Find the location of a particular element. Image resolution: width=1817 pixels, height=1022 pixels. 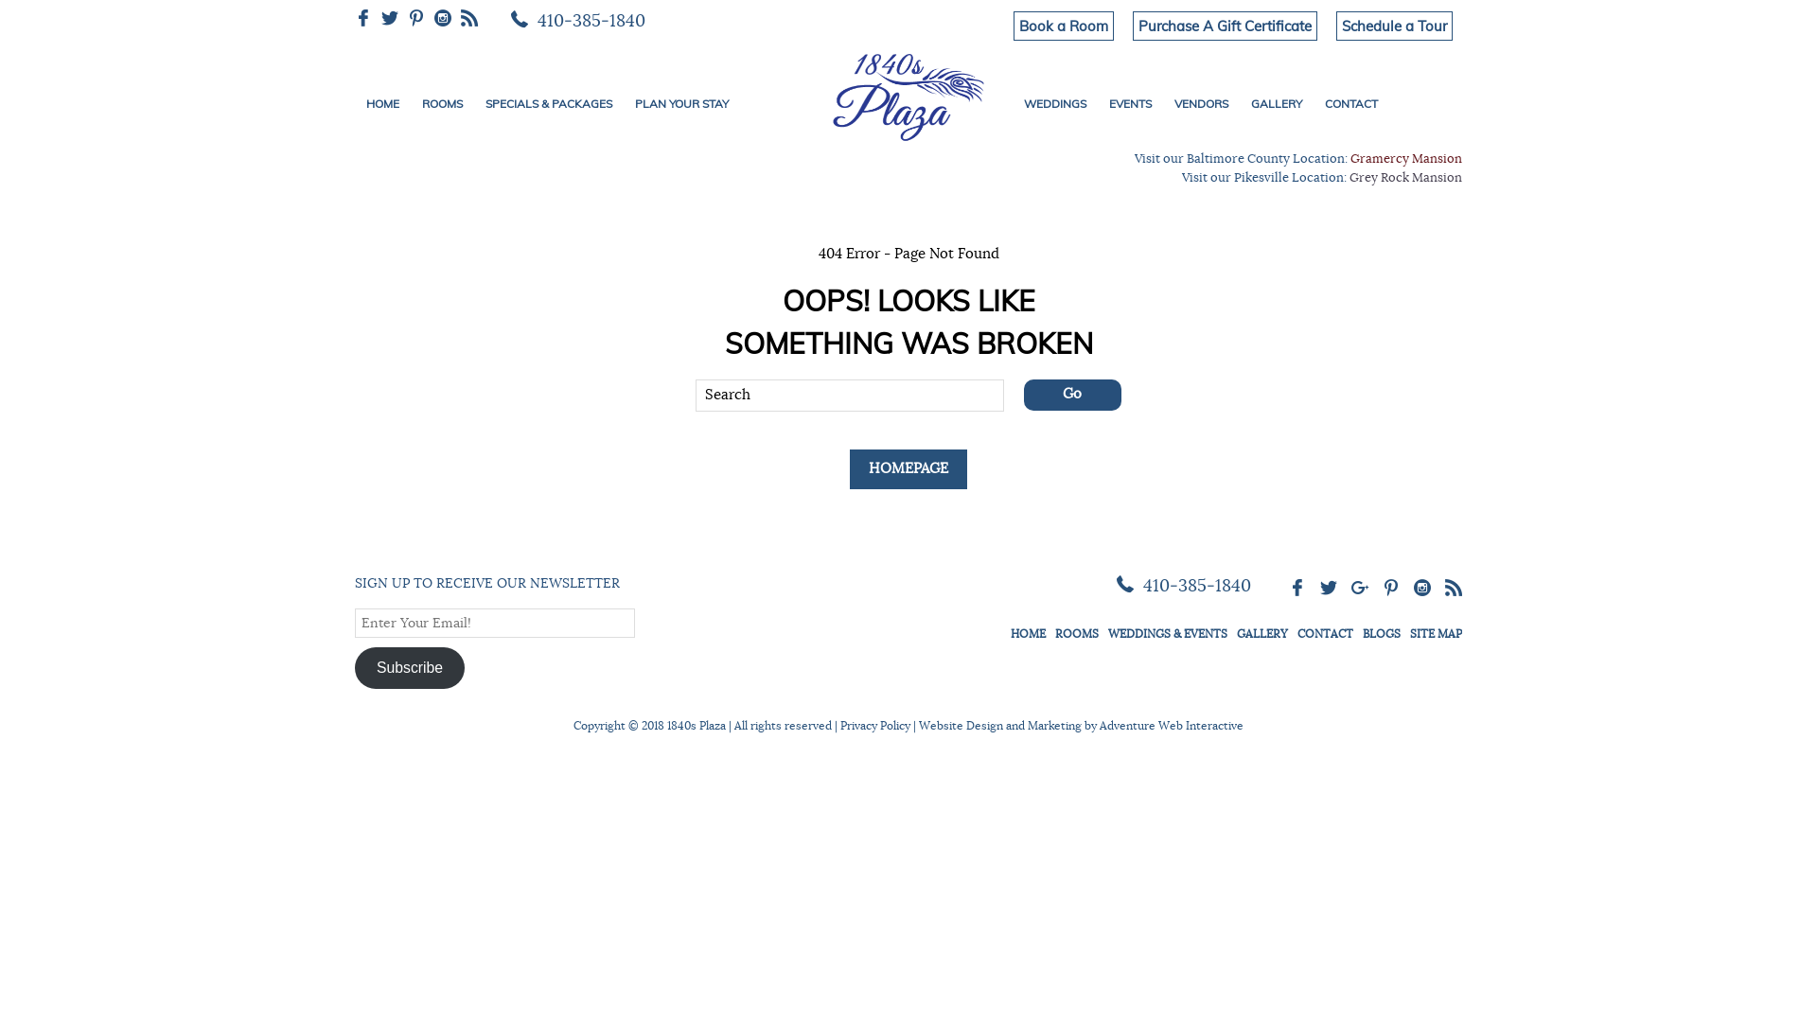

'EVENTS' is located at coordinates (1130, 104).